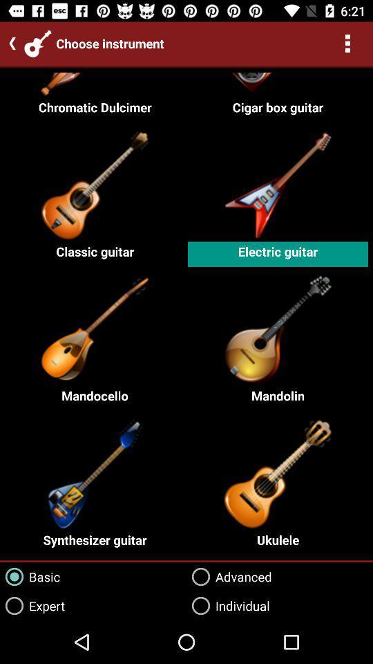 This screenshot has height=664, width=373. What do you see at coordinates (9, 43) in the screenshot?
I see `the arrow_backward icon` at bounding box center [9, 43].